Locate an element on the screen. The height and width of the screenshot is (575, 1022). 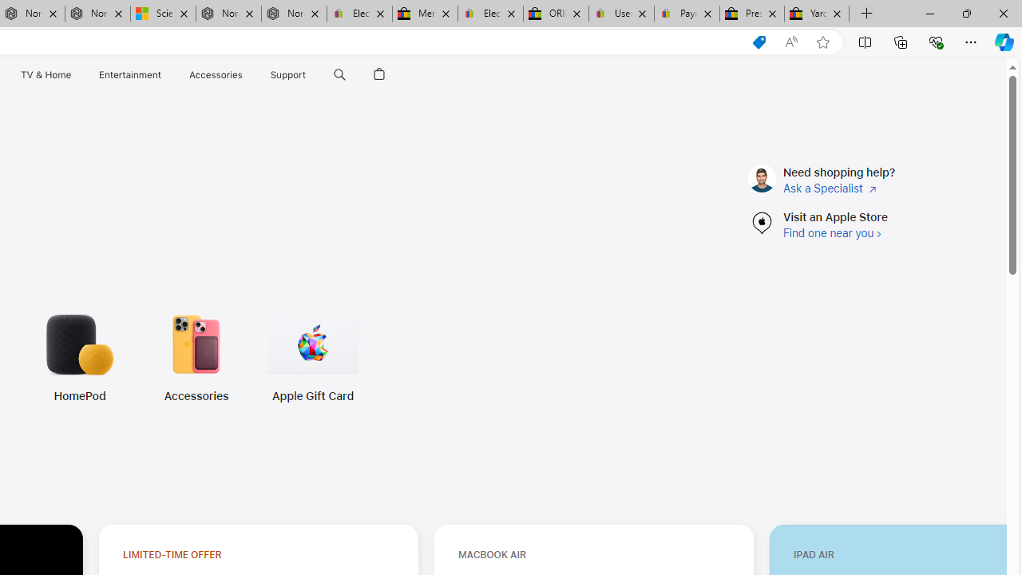
'Shopping Bag' is located at coordinates (378, 74).